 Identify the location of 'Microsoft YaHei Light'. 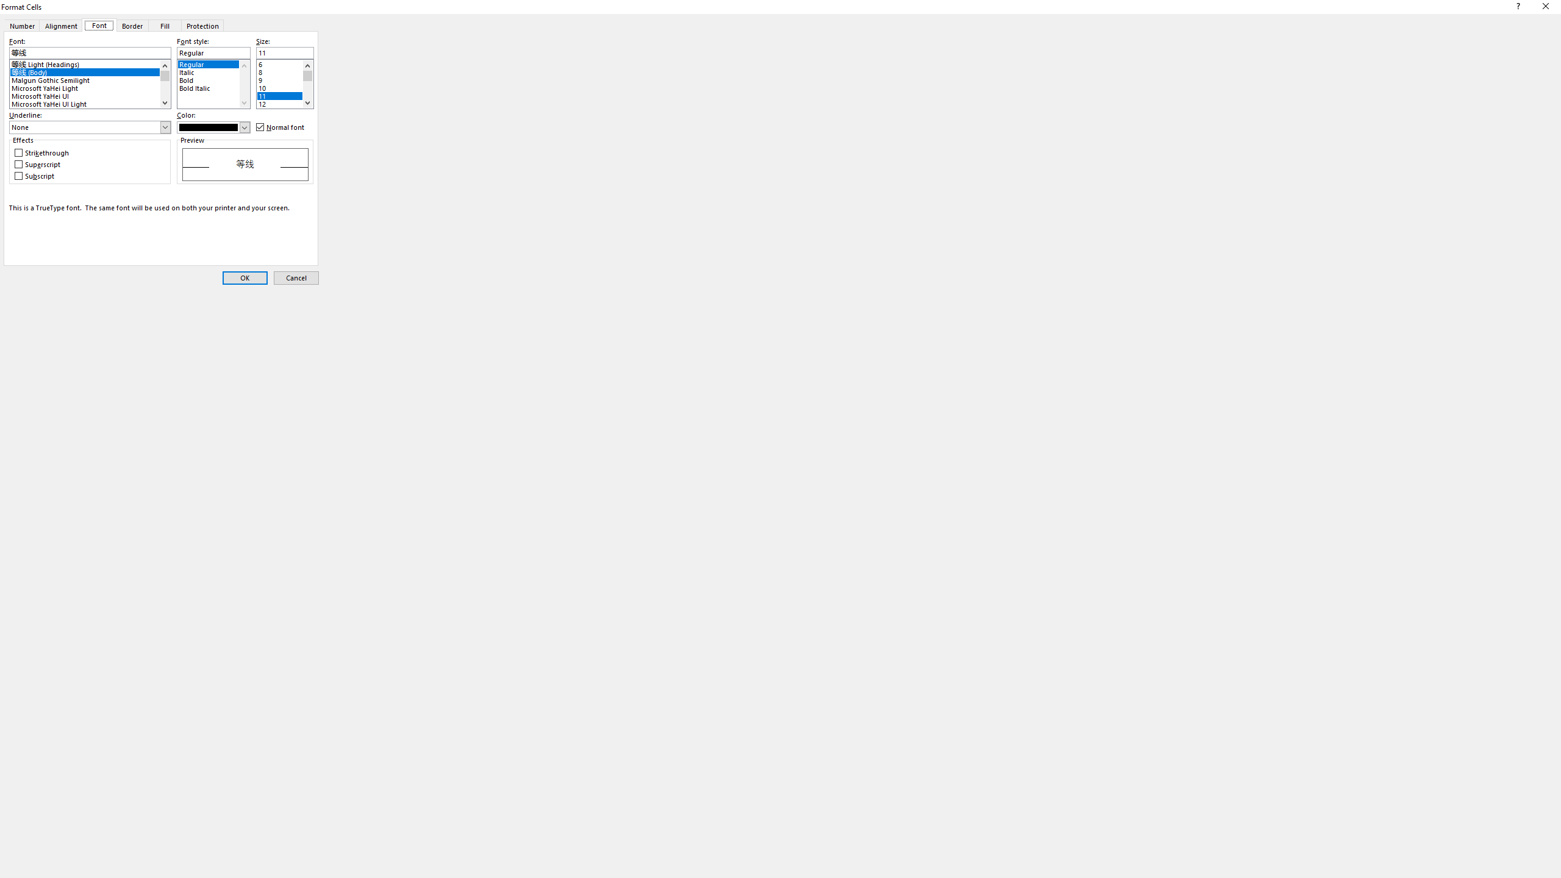
(90, 86).